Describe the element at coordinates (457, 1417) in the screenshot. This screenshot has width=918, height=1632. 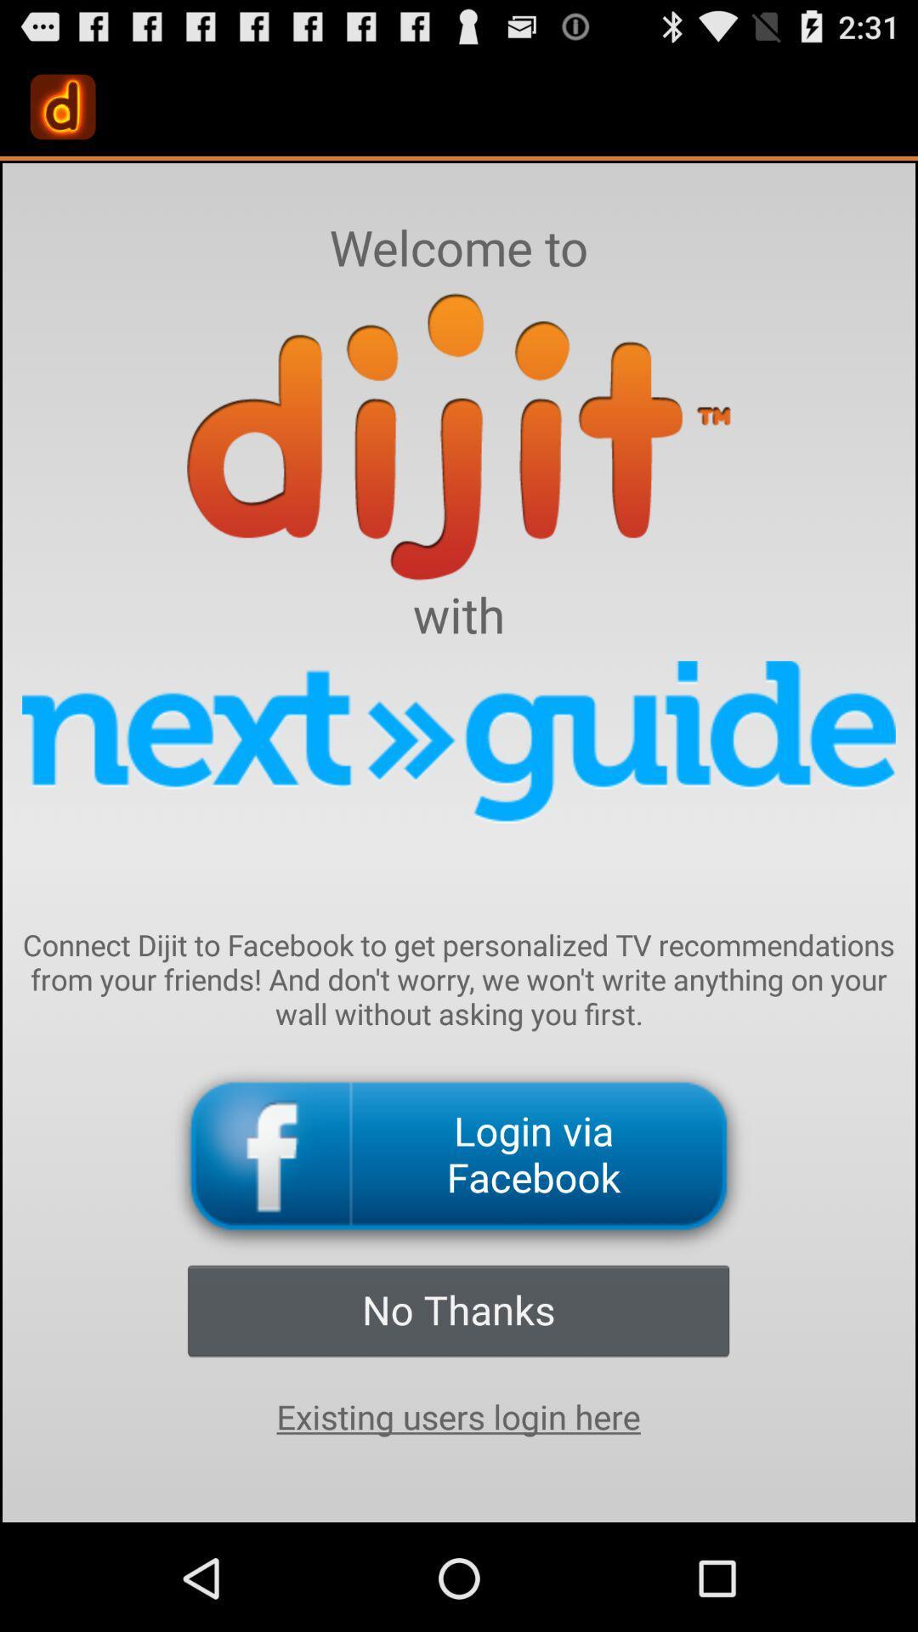
I see `the icon below no thanks button` at that location.